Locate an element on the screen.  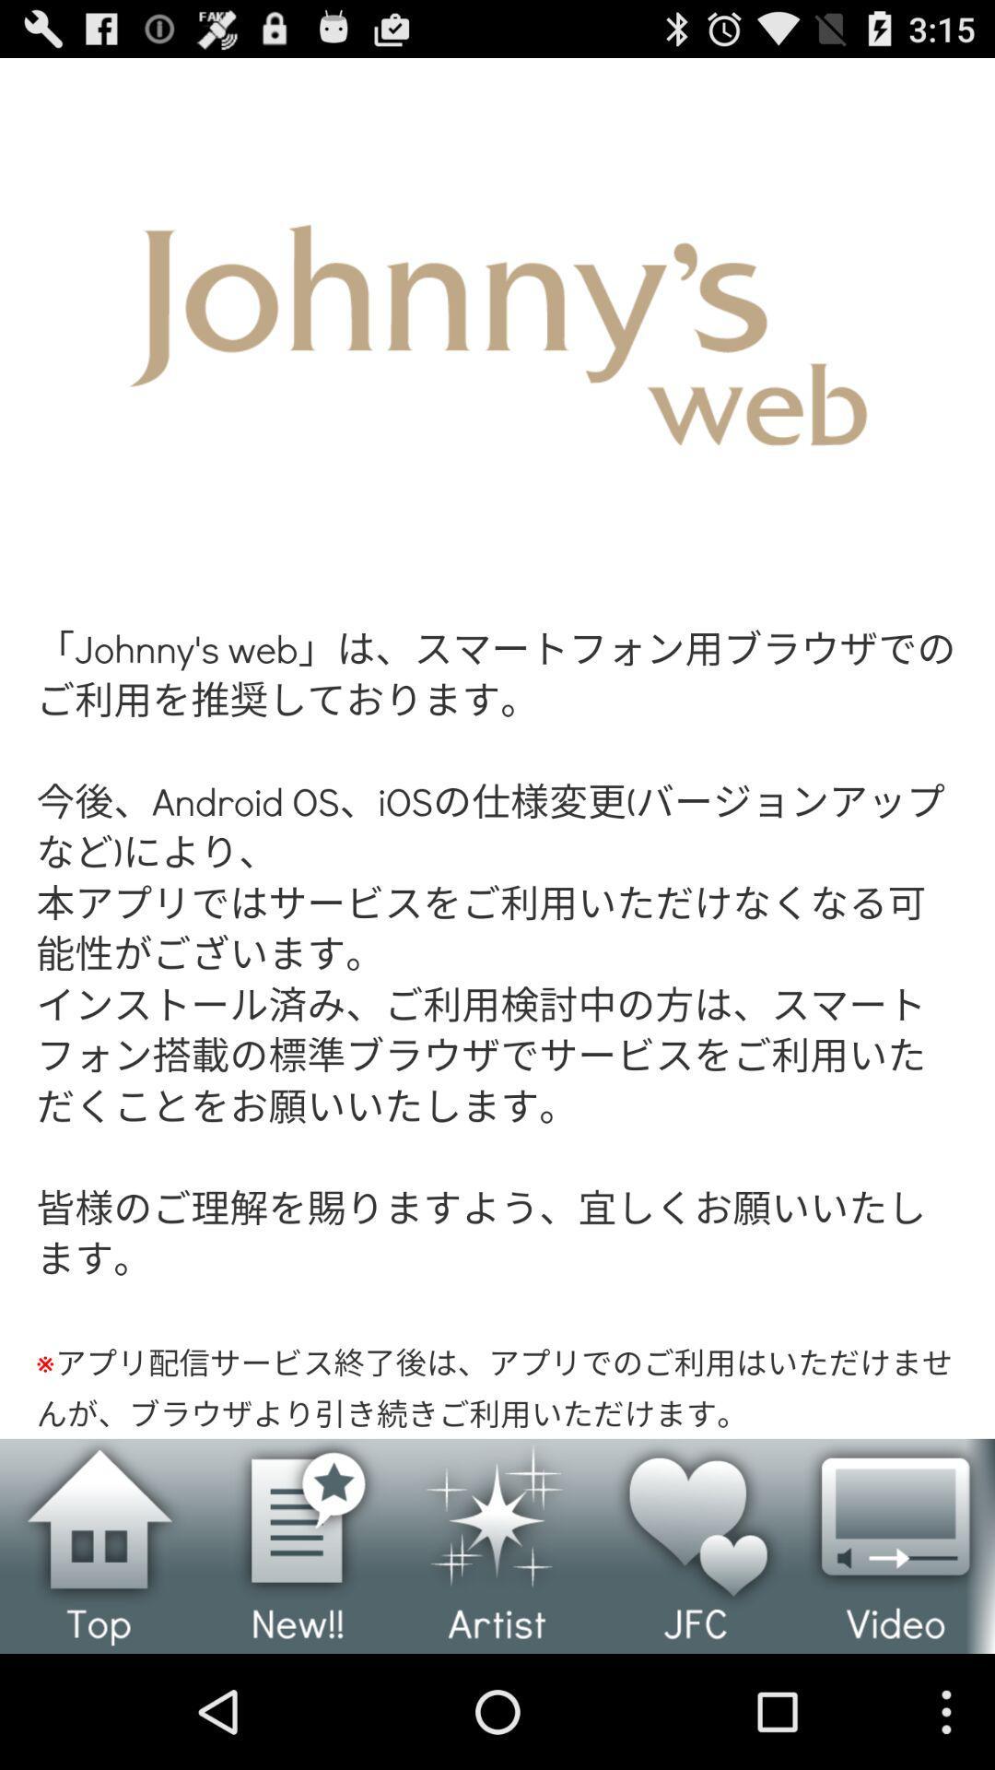
artist details is located at coordinates (497, 1546).